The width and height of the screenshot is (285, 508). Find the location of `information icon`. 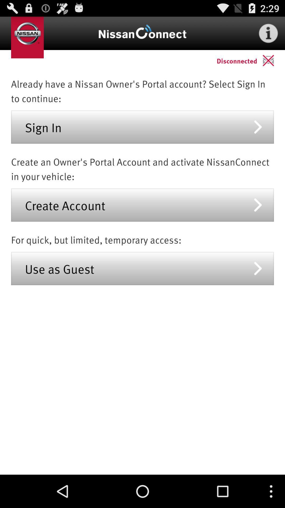

information icon is located at coordinates (268, 33).